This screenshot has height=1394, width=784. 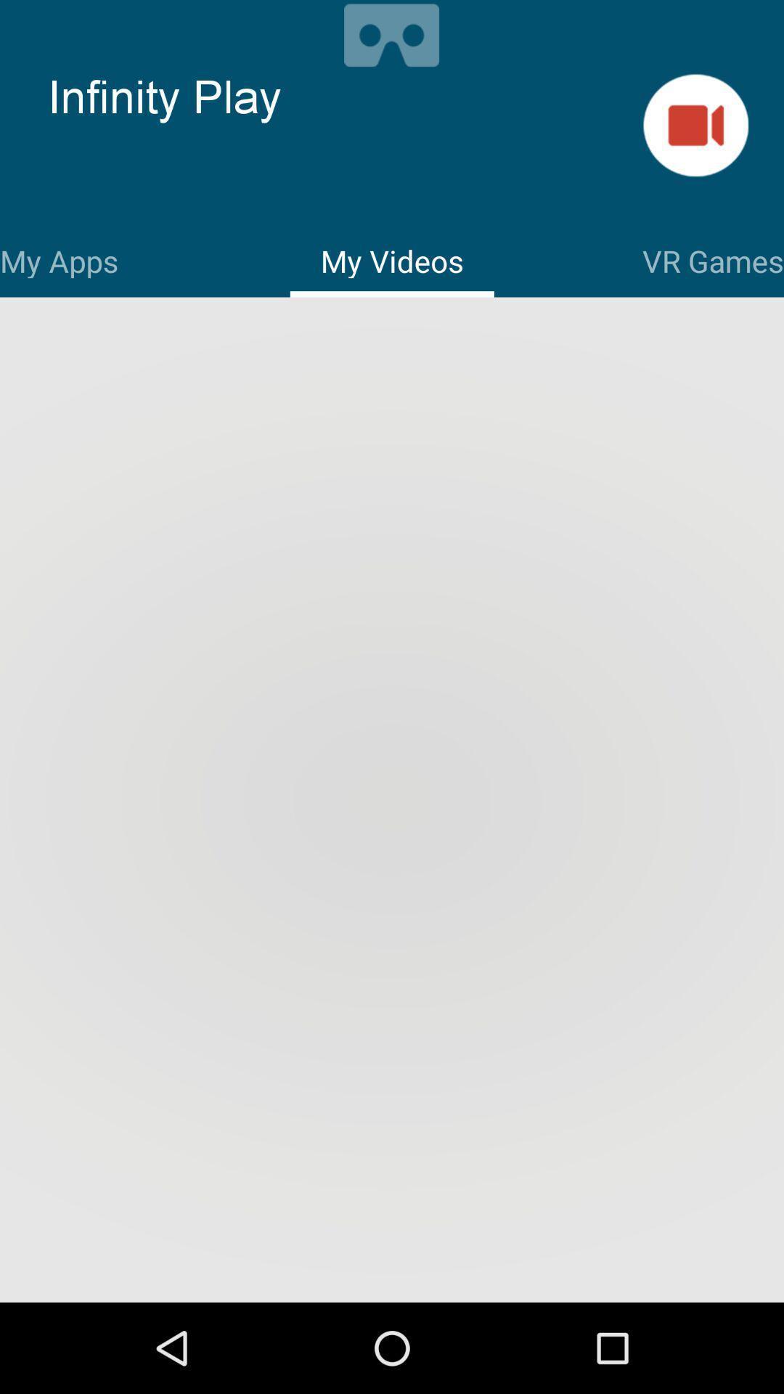 What do you see at coordinates (58, 258) in the screenshot?
I see `the item below the infinity play` at bounding box center [58, 258].